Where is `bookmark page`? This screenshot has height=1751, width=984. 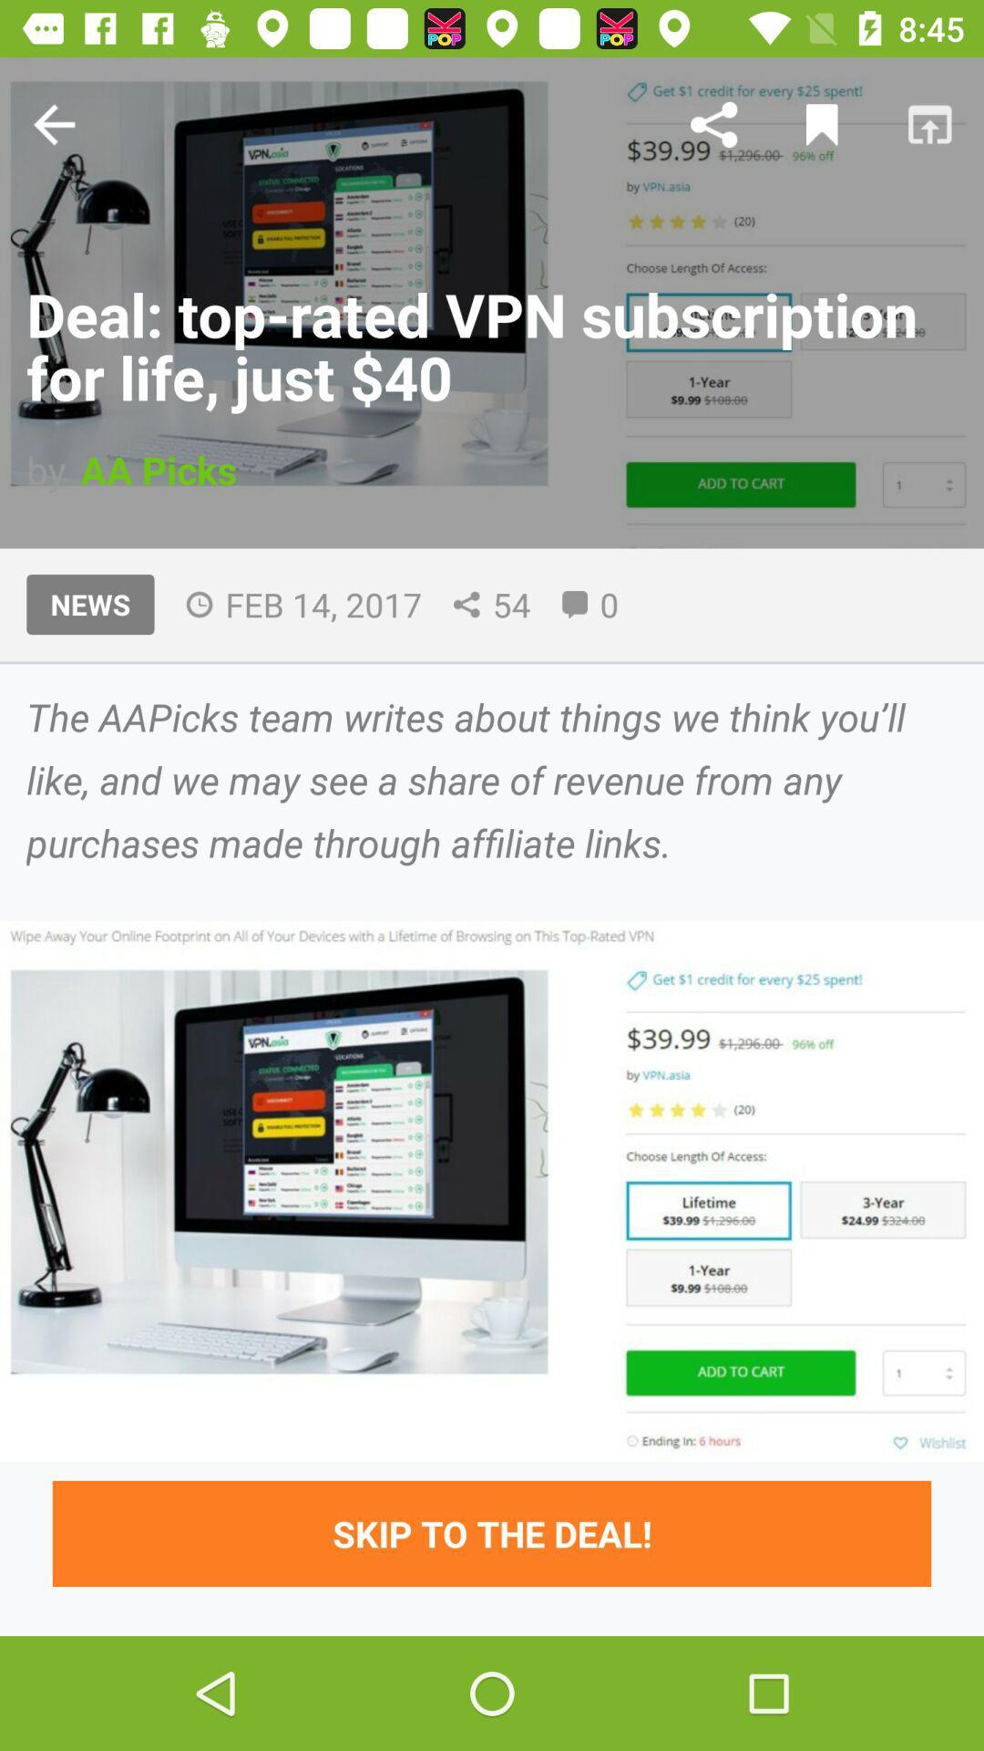
bookmark page is located at coordinates (822, 123).